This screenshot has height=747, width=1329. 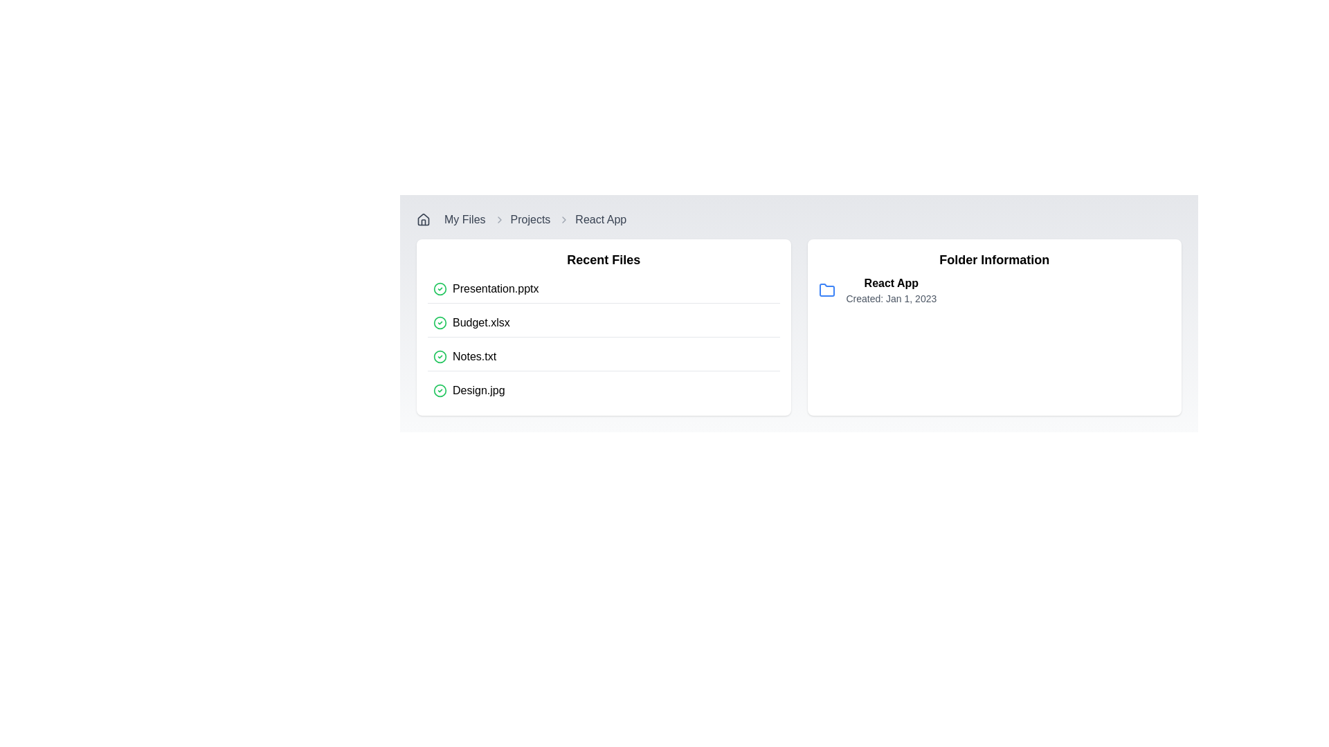 What do you see at coordinates (439, 288) in the screenshot?
I see `the green circular icon with a checkmark located to the left of the text 'Presentation.pptx' in the 'Recent Files' section` at bounding box center [439, 288].